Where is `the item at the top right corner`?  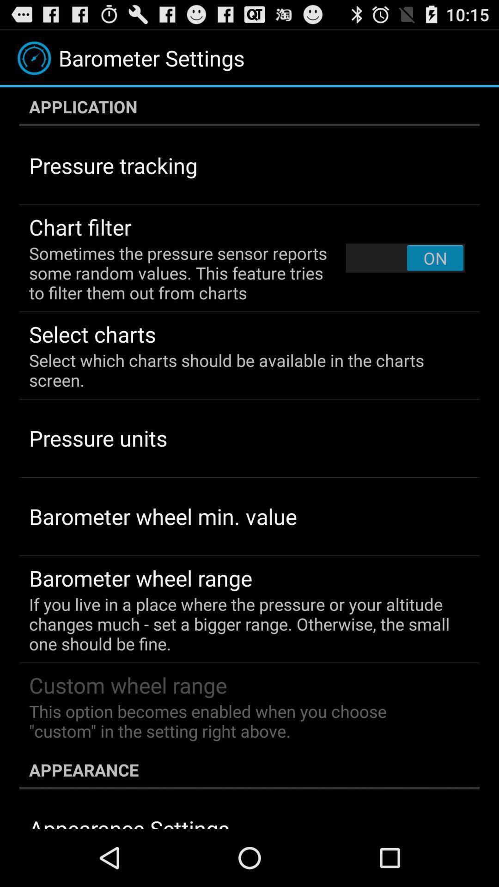 the item at the top right corner is located at coordinates (405, 258).